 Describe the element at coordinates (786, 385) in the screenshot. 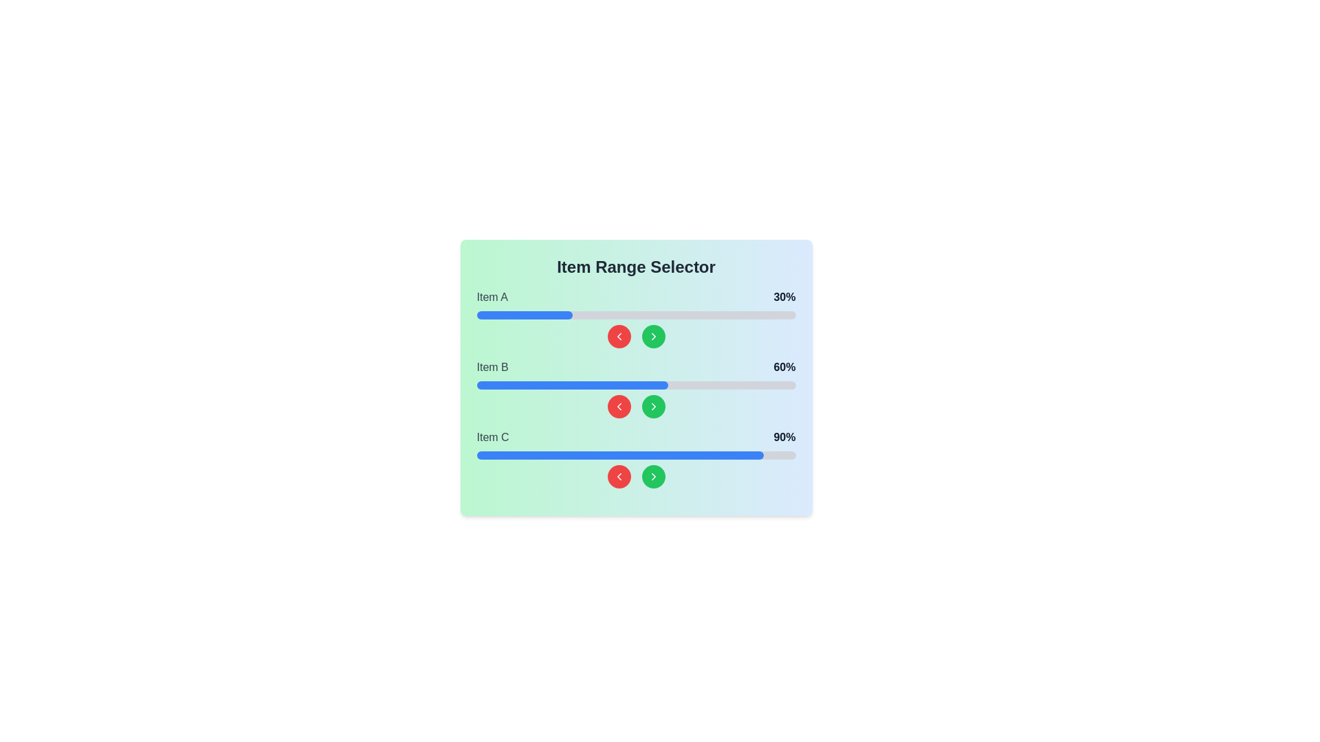

I see `the slider` at that location.